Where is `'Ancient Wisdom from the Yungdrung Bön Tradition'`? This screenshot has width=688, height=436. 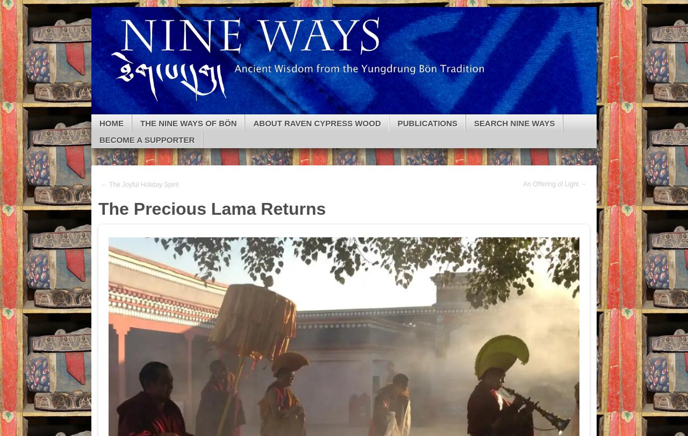 'Ancient Wisdom from the Yungdrung Bön Tradition' is located at coordinates (223, 49).